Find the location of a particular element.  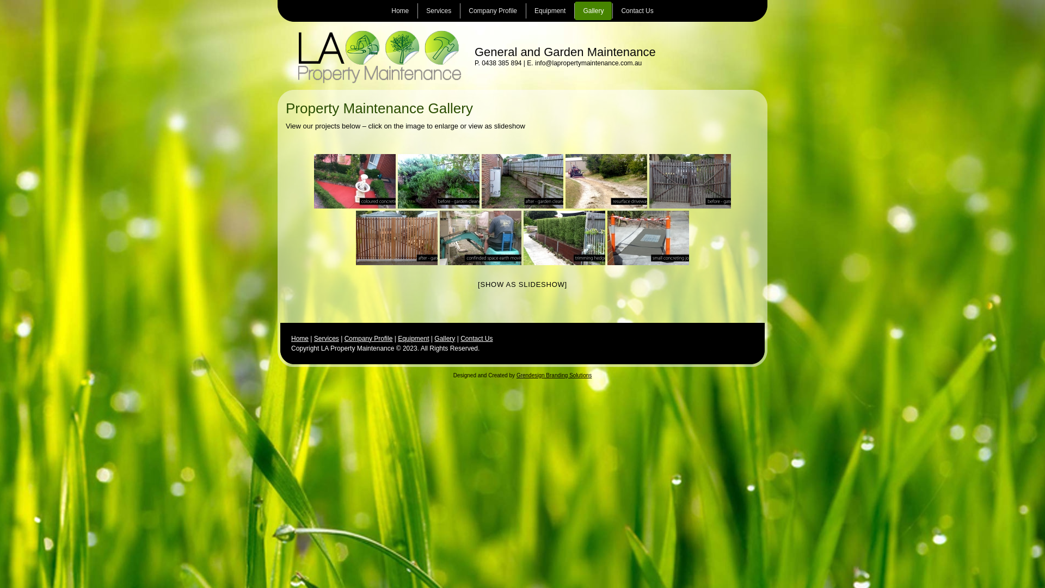

'Company Profile' is located at coordinates (368, 338).